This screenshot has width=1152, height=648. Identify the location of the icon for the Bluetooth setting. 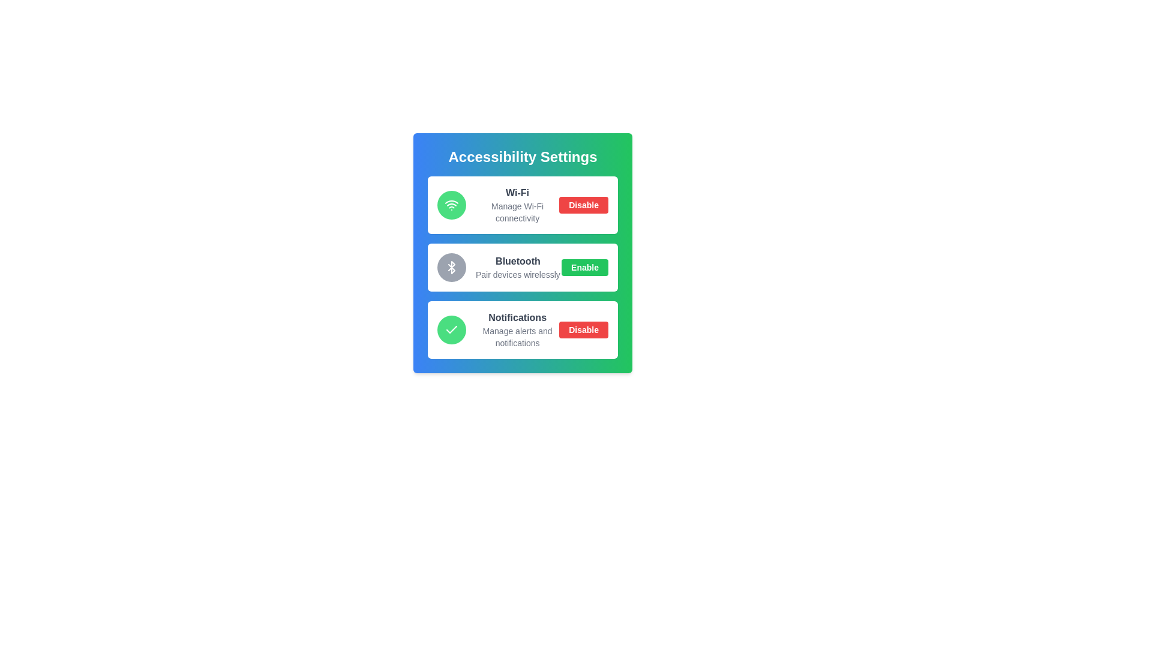
(451, 267).